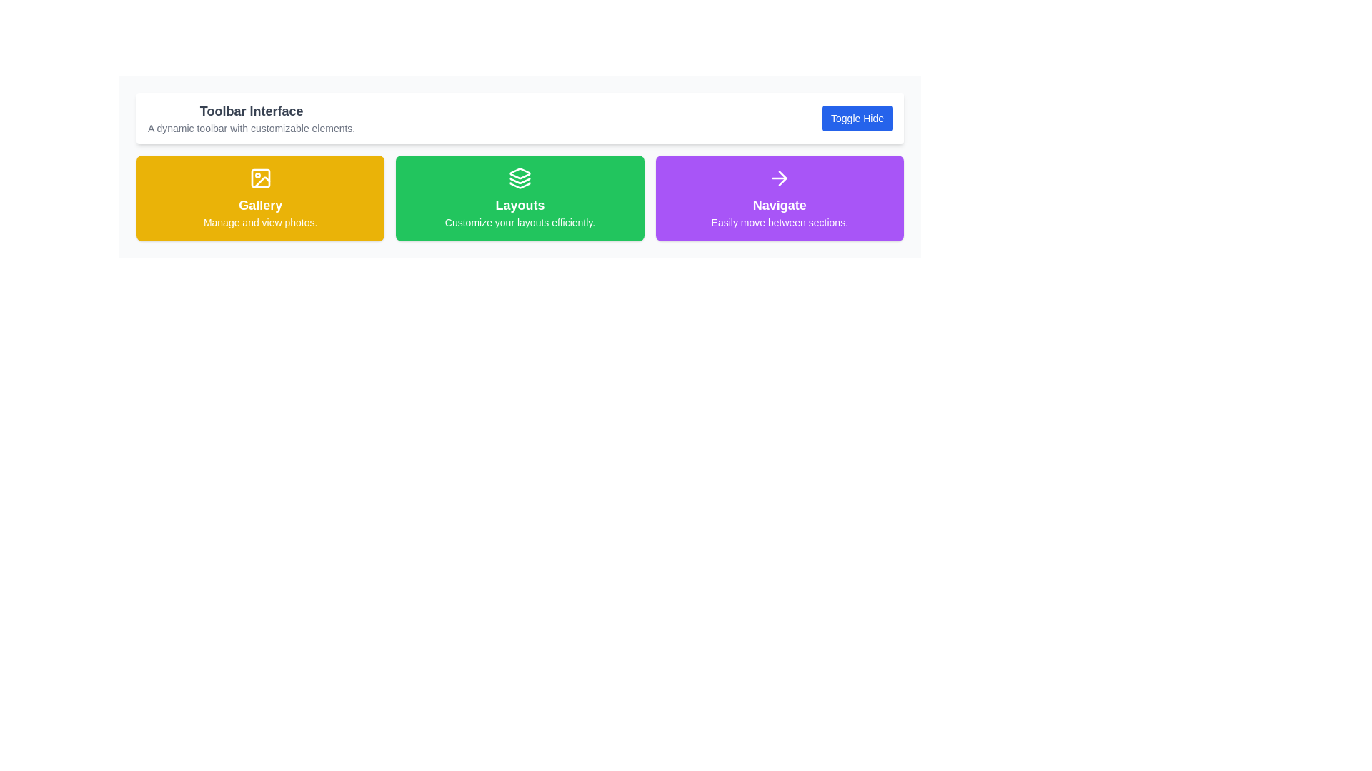 The width and height of the screenshot is (1372, 771). Describe the element at coordinates (260, 178) in the screenshot. I see `the gallery management icon located on the yellow background section labeled 'Gallery', positioned above the text labels 'Gallery' and 'Manage and view photos'` at that location.